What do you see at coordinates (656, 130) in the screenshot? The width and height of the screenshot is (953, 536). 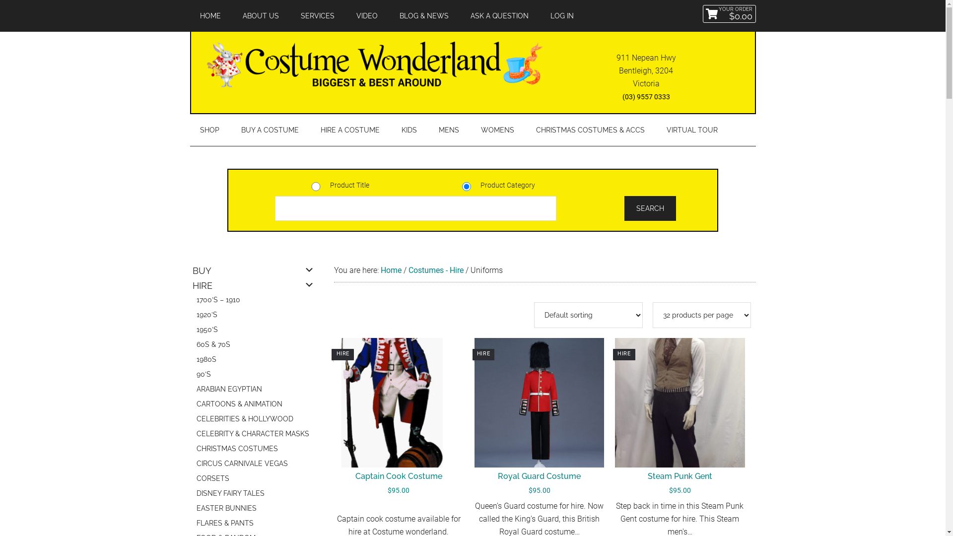 I see `'VIRTUAL TOUR'` at bounding box center [656, 130].